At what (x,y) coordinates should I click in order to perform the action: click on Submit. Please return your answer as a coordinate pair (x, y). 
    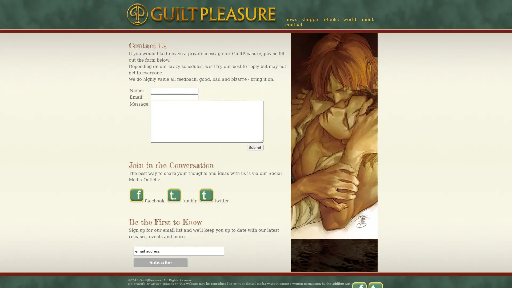
    Looking at the image, I should click on (254, 147).